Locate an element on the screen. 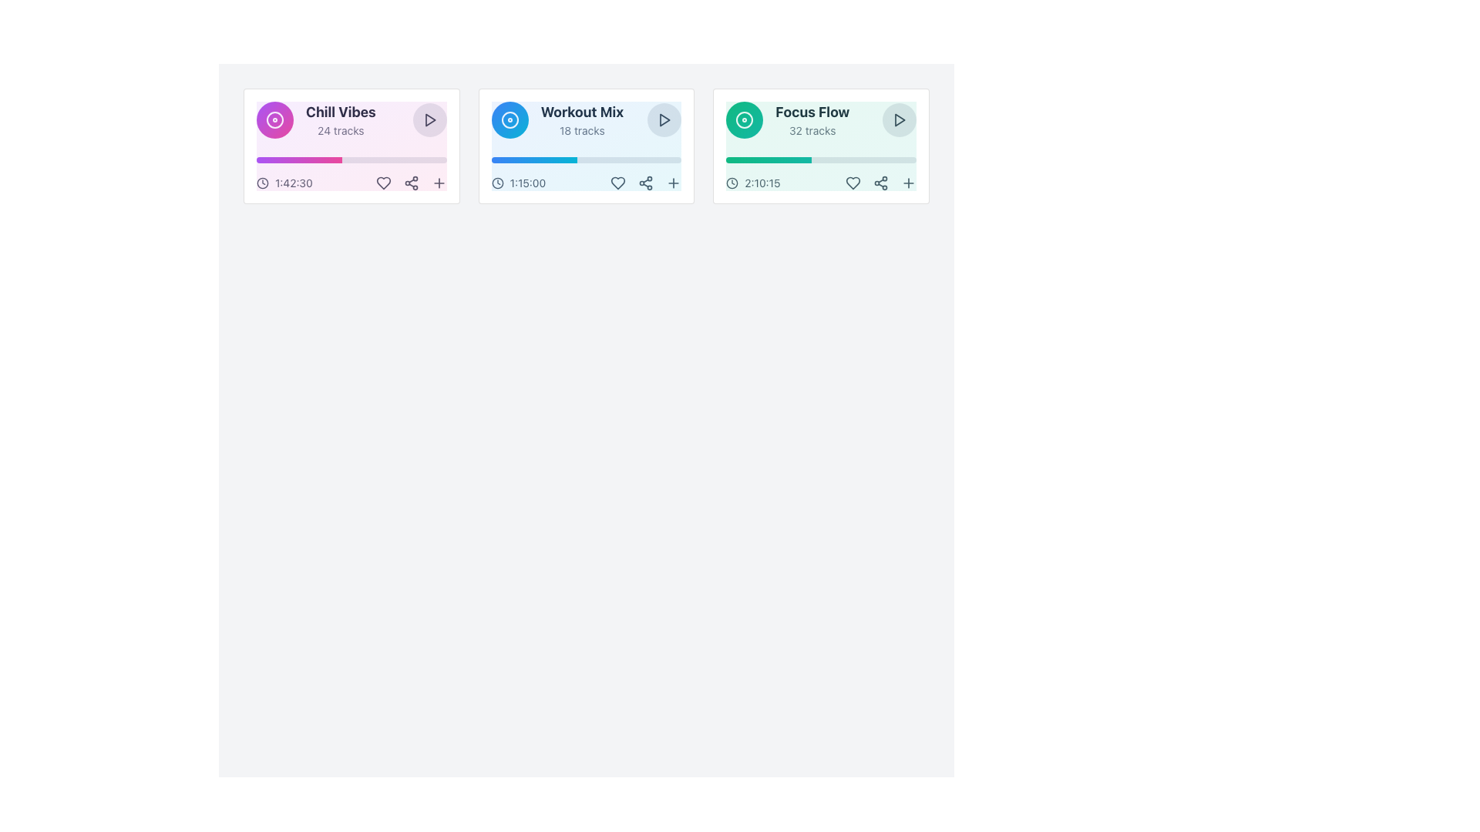 This screenshot has height=832, width=1480. the text display for the playlist named 'Workout Mix' is located at coordinates (585, 119).